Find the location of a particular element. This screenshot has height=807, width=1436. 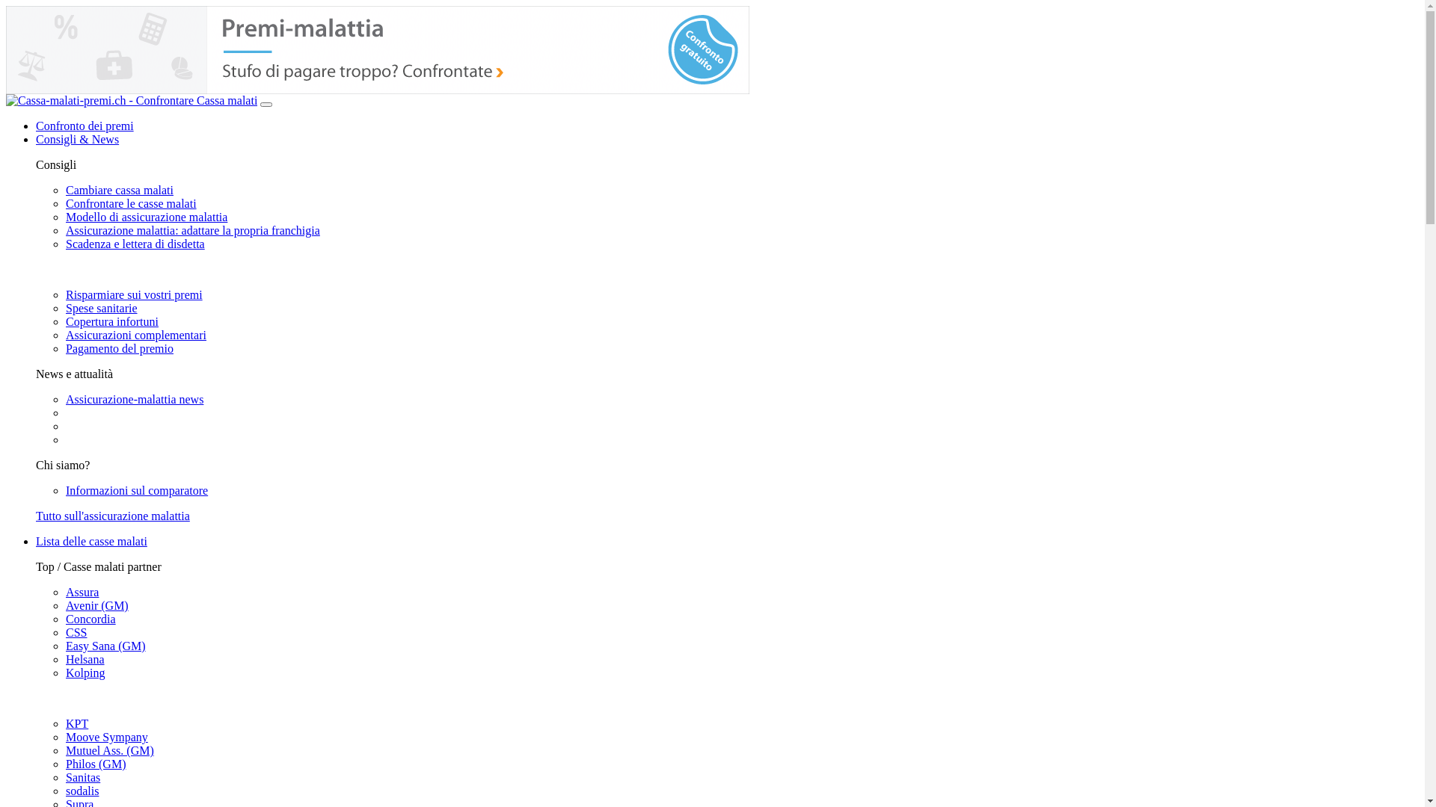

'Pagamento del premio' is located at coordinates (118, 348).